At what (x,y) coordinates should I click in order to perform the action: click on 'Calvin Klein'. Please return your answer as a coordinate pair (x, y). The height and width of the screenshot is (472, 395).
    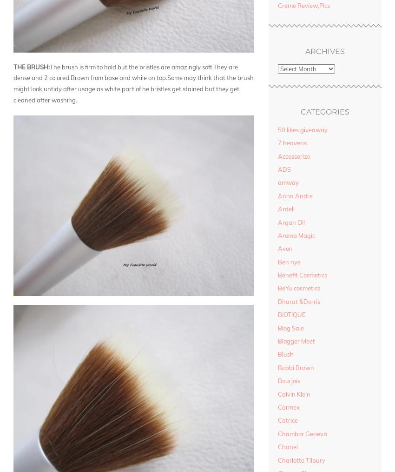
    Looking at the image, I should click on (277, 393).